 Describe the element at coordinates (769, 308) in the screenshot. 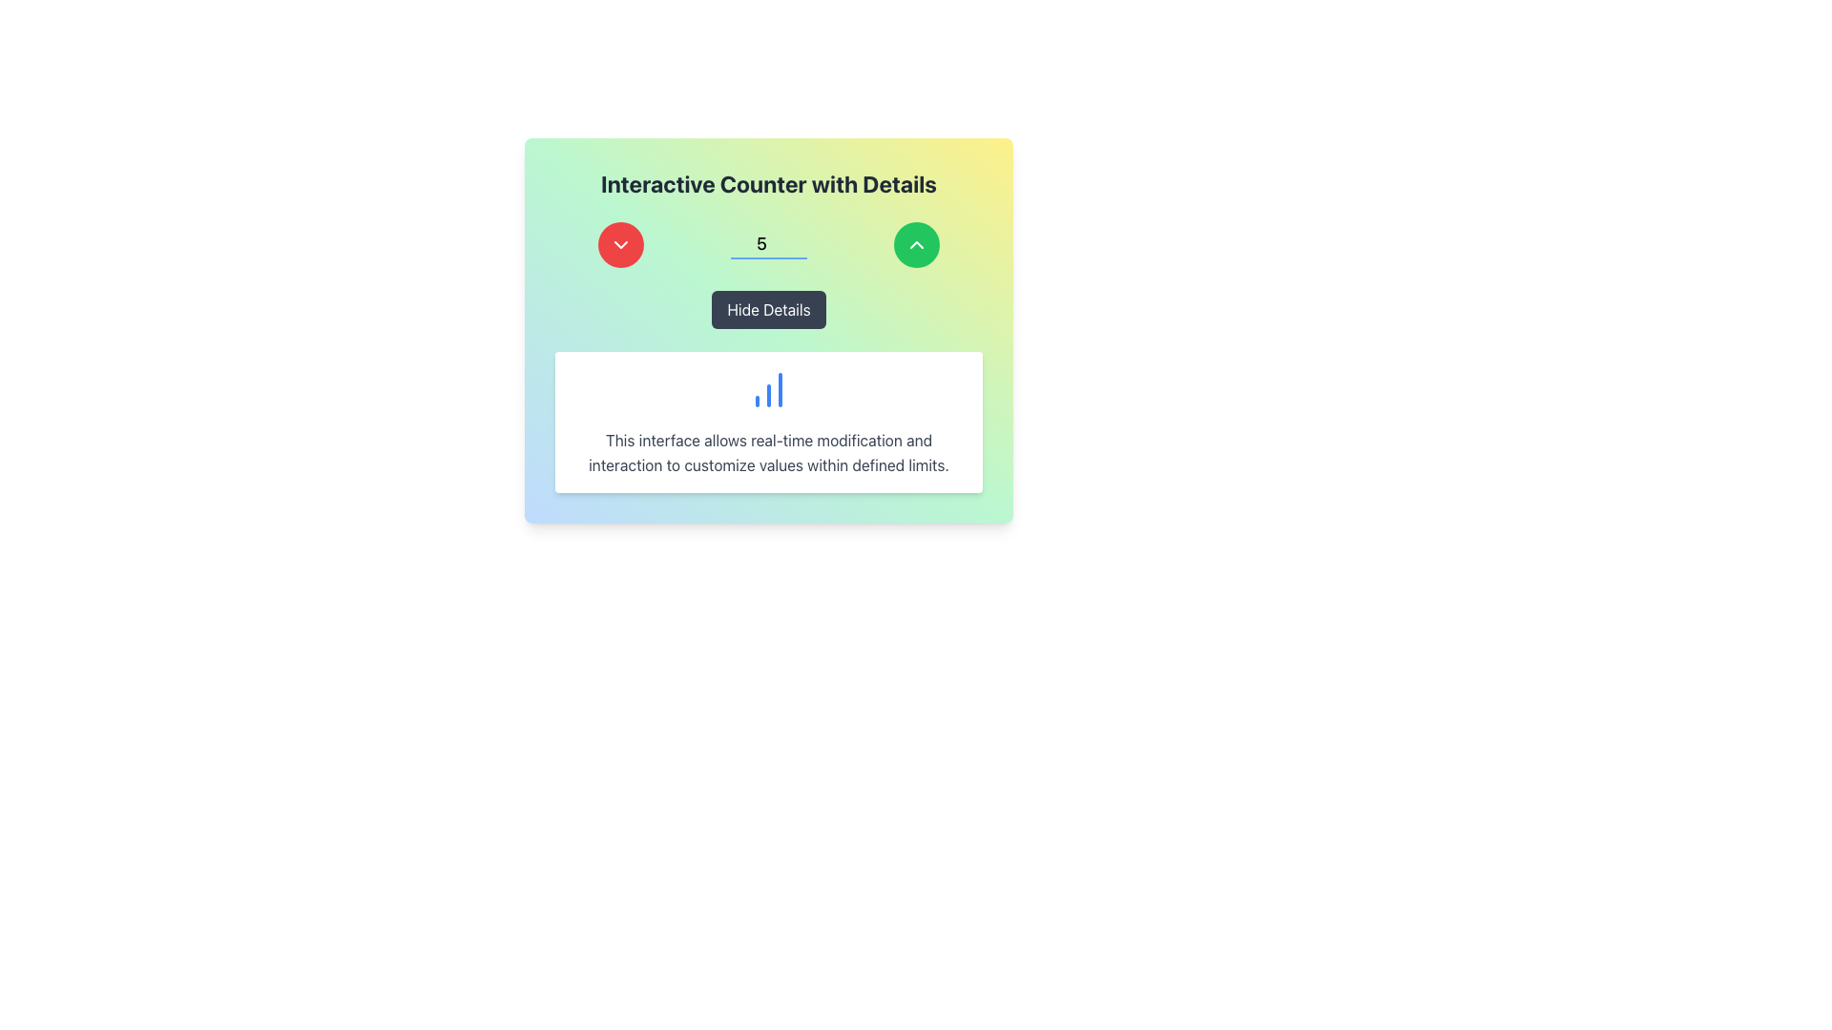

I see `the rectangular button with a dark gray background labeled 'Hide Details'` at that location.